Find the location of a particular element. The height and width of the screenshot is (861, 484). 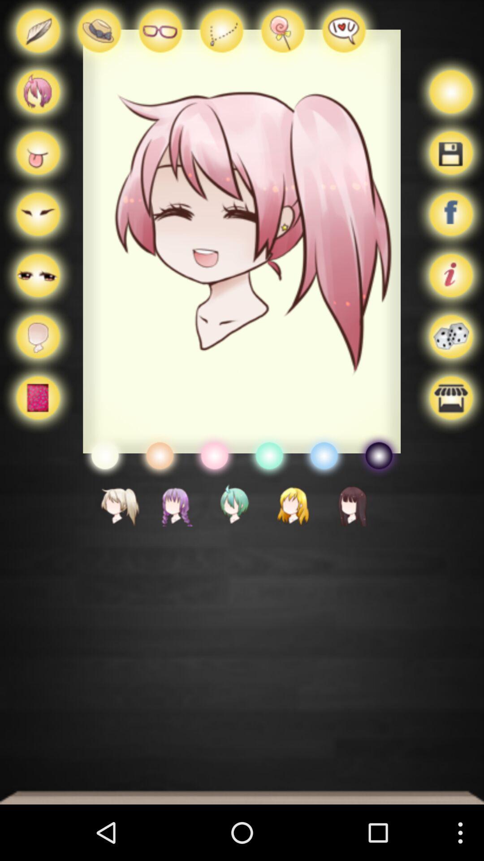

the thumbs_down icon is located at coordinates (221, 36).